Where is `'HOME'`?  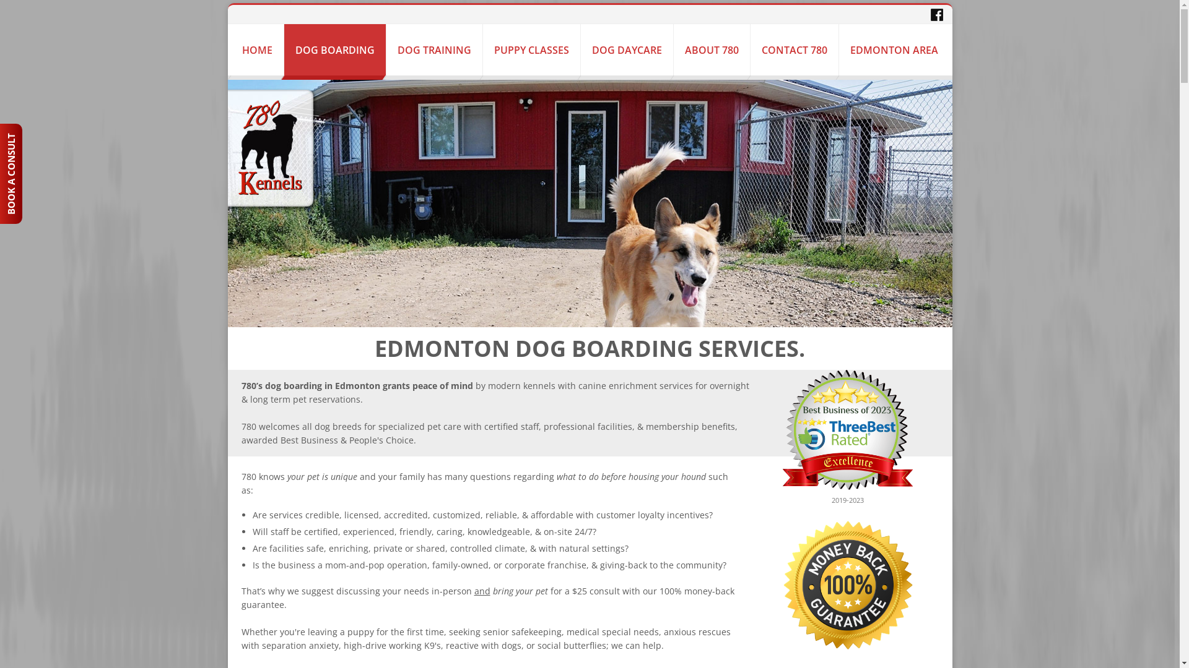 'HOME' is located at coordinates (256, 49).